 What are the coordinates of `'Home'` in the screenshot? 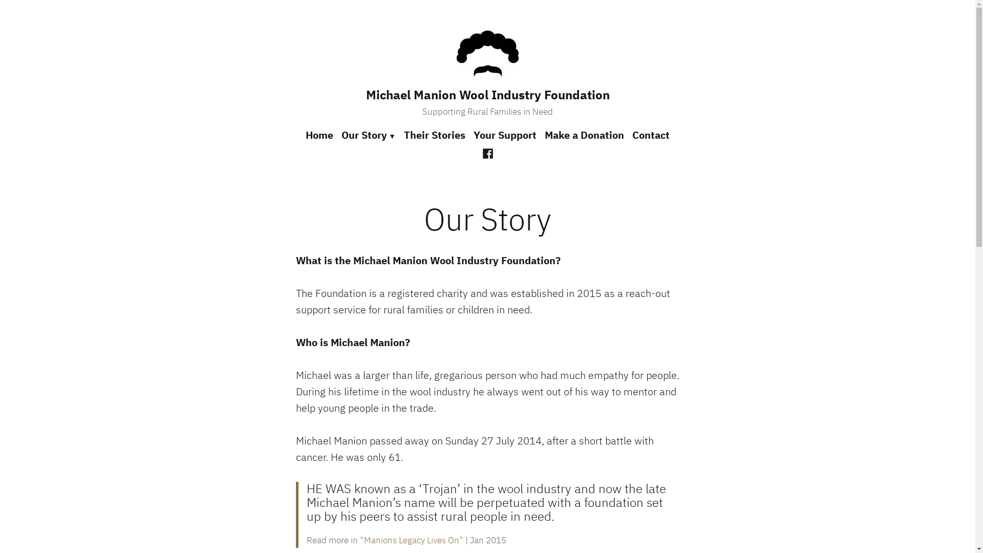 It's located at (305, 135).